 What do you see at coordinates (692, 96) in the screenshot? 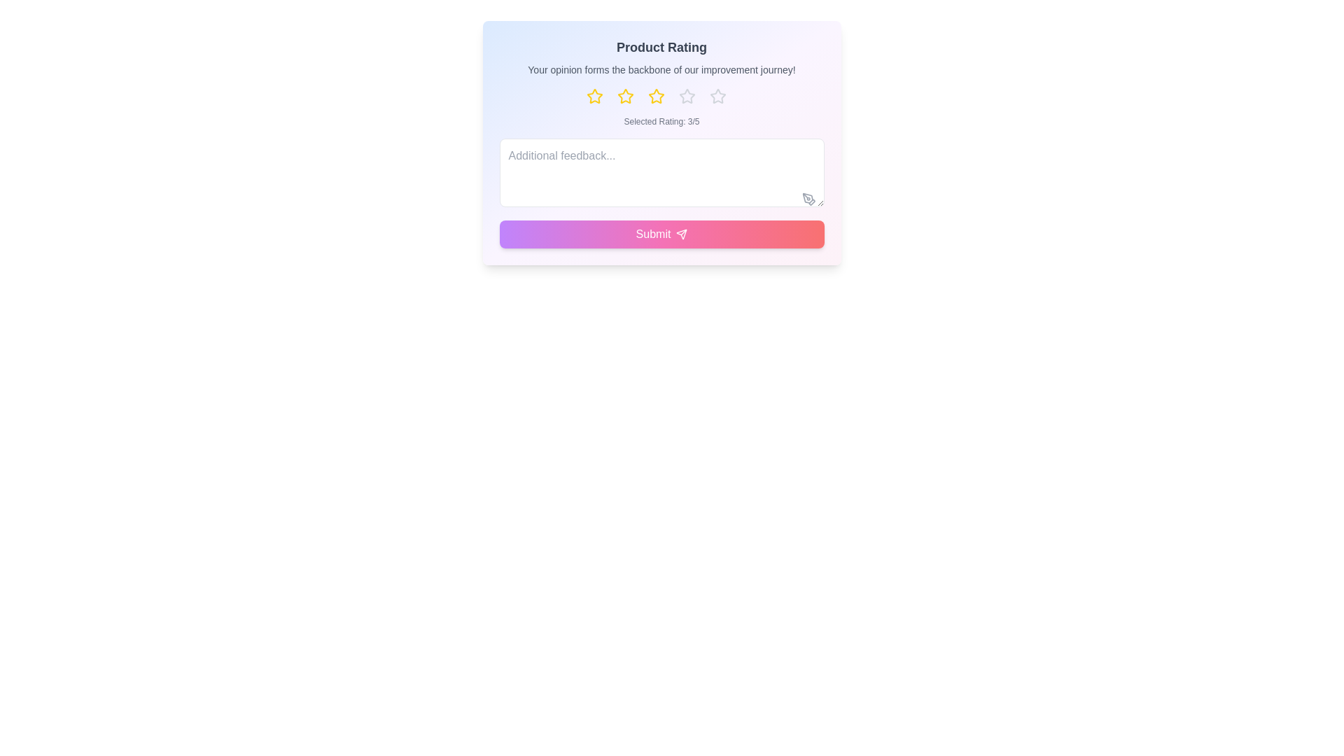
I see `the star rating button corresponding to 4 stars to observe the hover effect` at bounding box center [692, 96].